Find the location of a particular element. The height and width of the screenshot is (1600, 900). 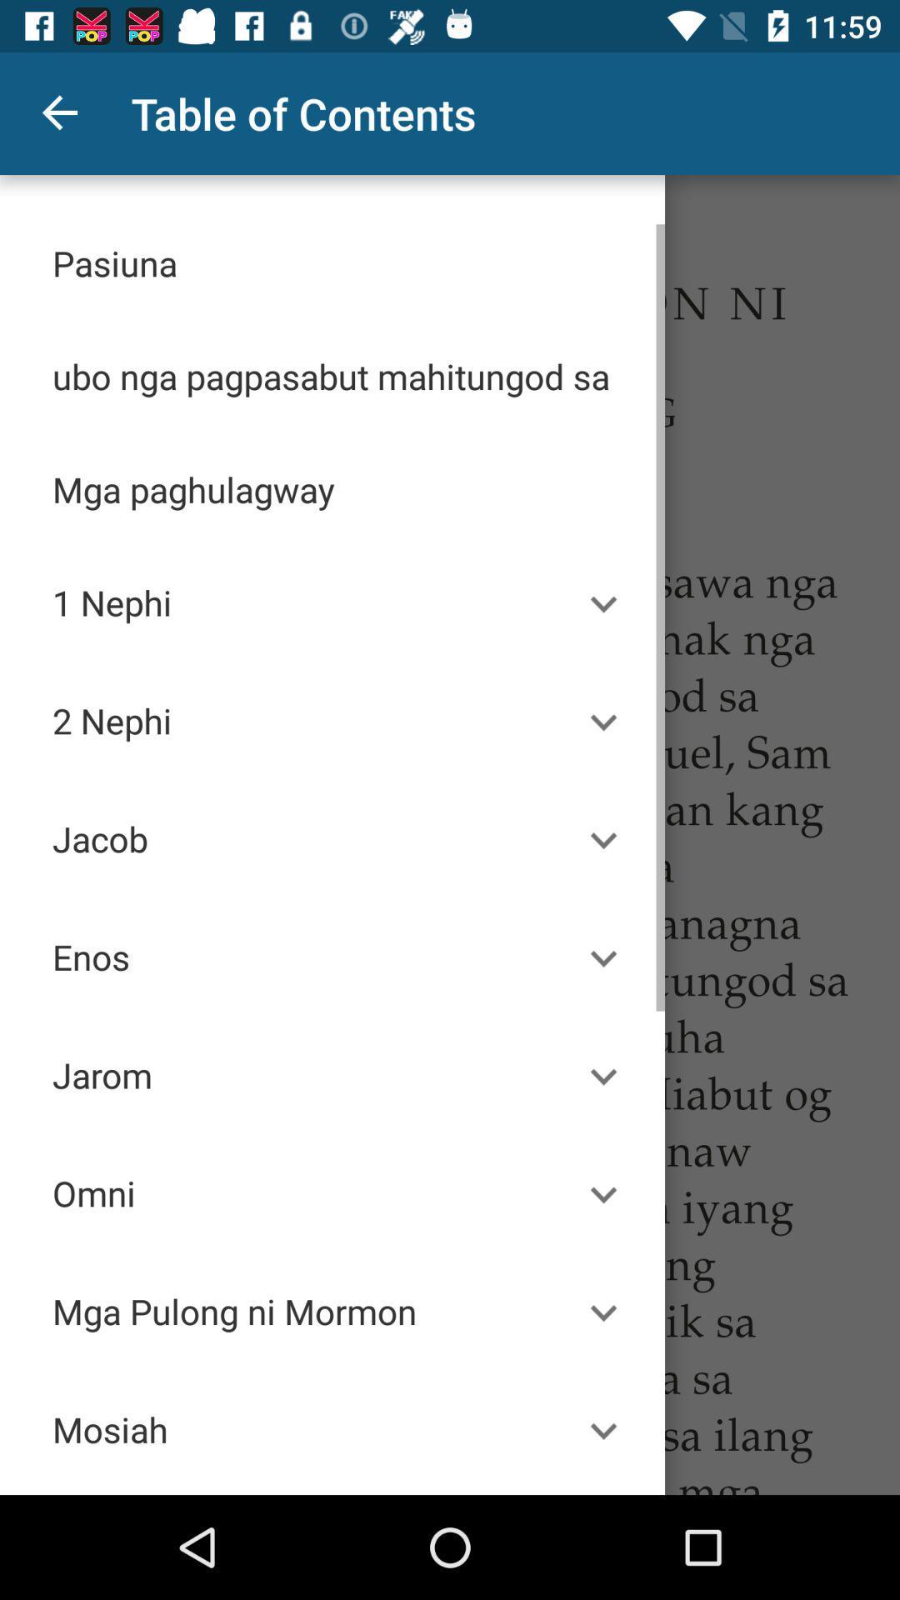

the item at the top left corner is located at coordinates (60, 112).